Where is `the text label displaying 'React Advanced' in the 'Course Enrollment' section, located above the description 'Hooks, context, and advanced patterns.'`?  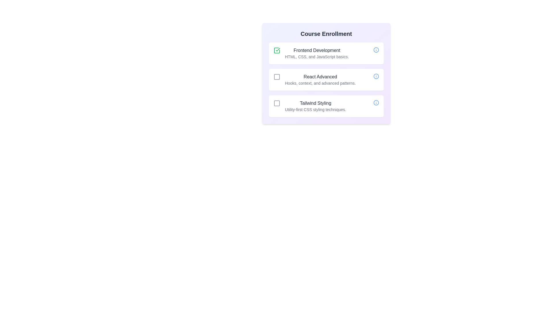 the text label displaying 'React Advanced' in the 'Course Enrollment' section, located above the description 'Hooks, context, and advanced patterns.' is located at coordinates (320, 76).